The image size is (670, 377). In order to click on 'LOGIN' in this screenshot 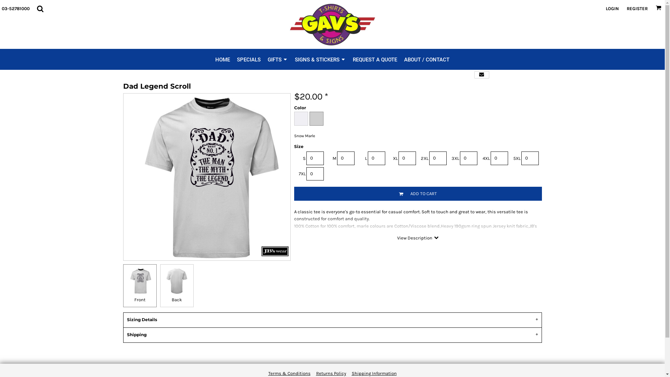, I will do `click(612, 8)`.